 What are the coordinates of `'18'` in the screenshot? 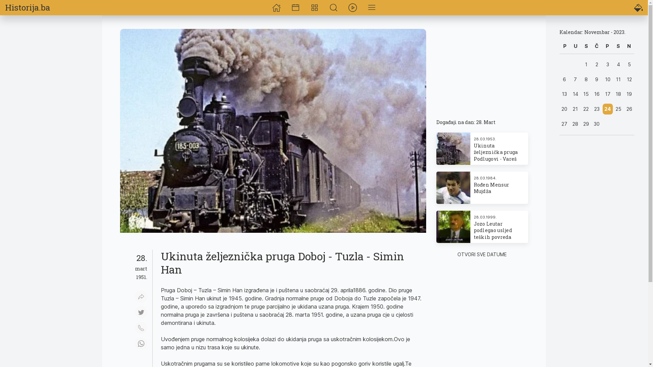 It's located at (619, 94).